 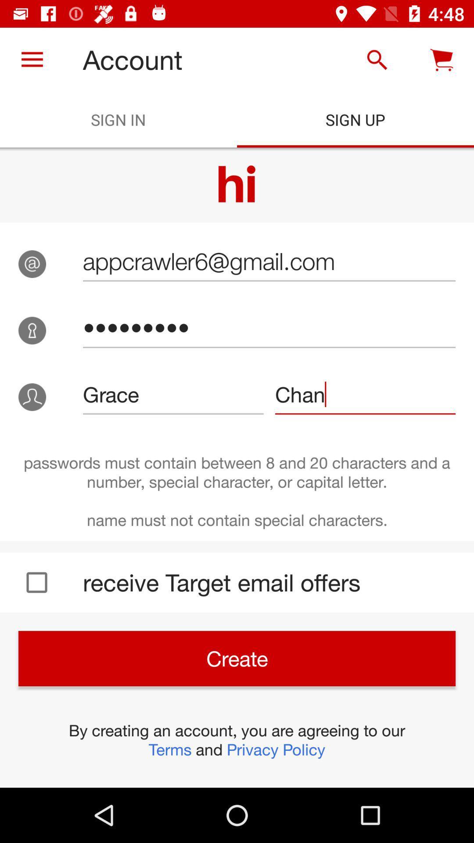 What do you see at coordinates (237, 658) in the screenshot?
I see `the create icon` at bounding box center [237, 658].